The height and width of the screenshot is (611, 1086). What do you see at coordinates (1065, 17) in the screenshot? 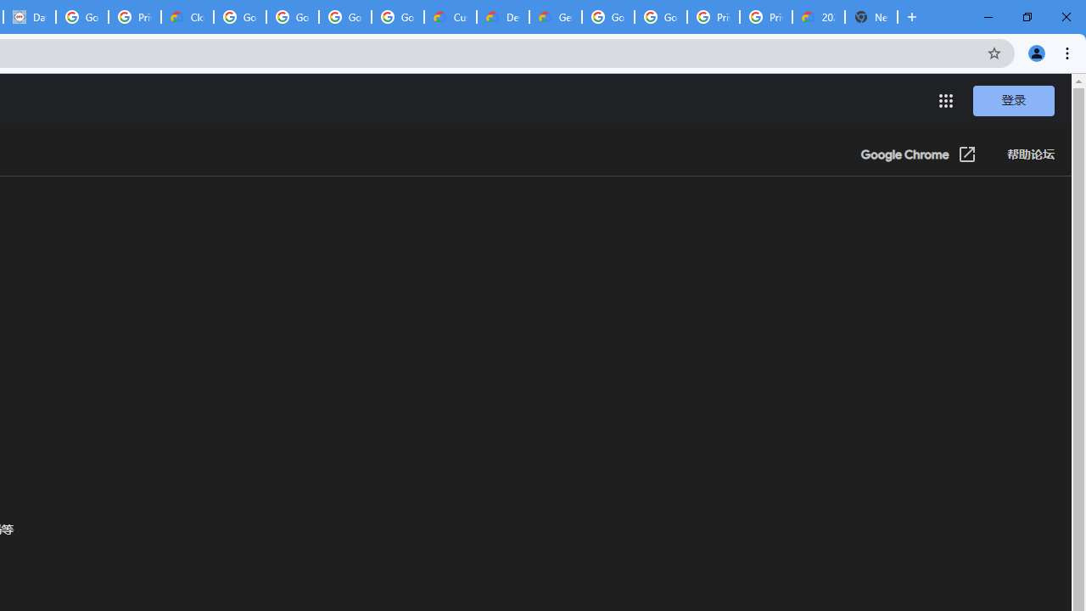
I see `'Close'` at bounding box center [1065, 17].